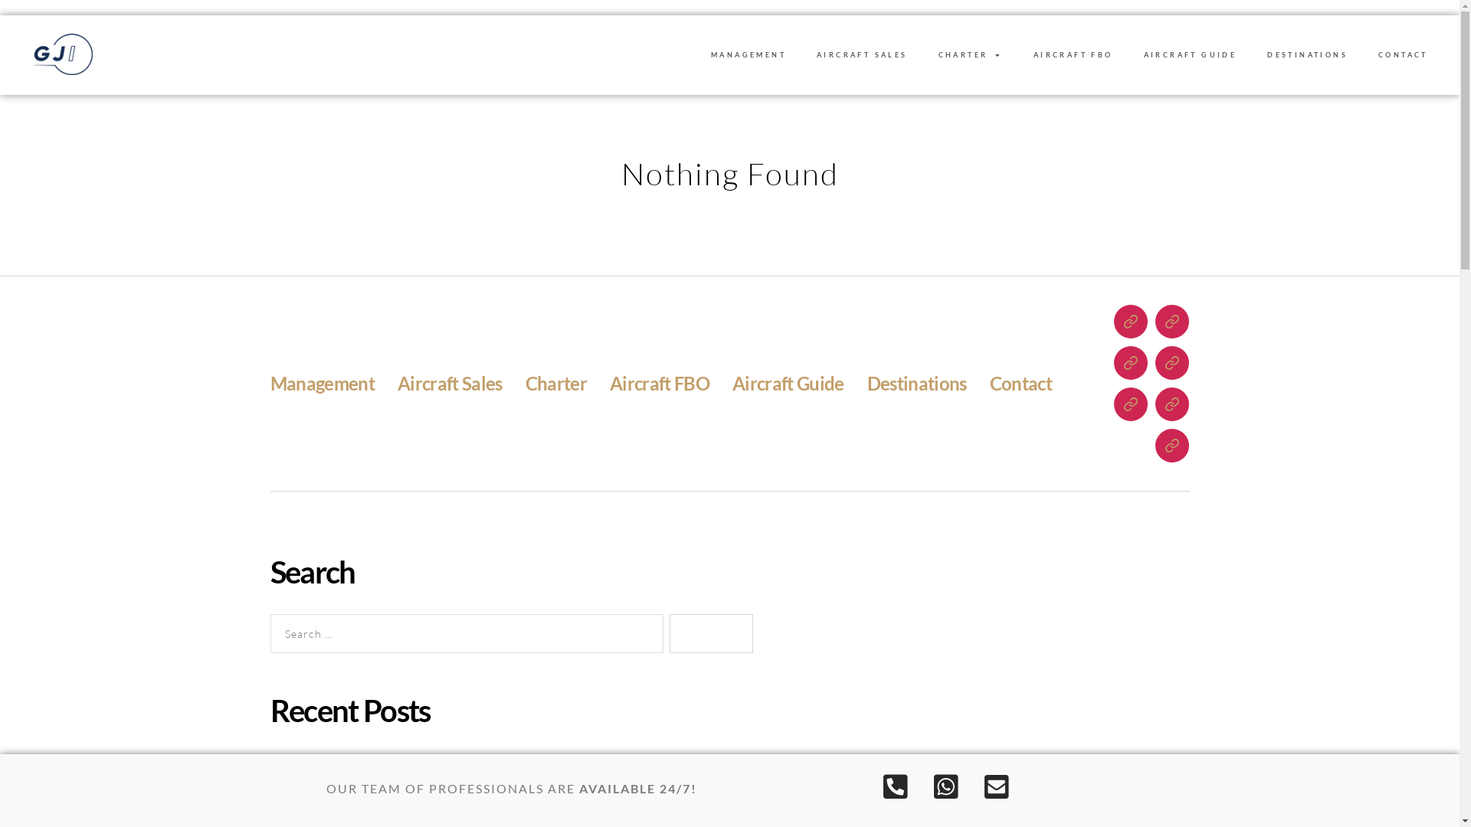  I want to click on 'Aircraft Guide', so click(788, 382).